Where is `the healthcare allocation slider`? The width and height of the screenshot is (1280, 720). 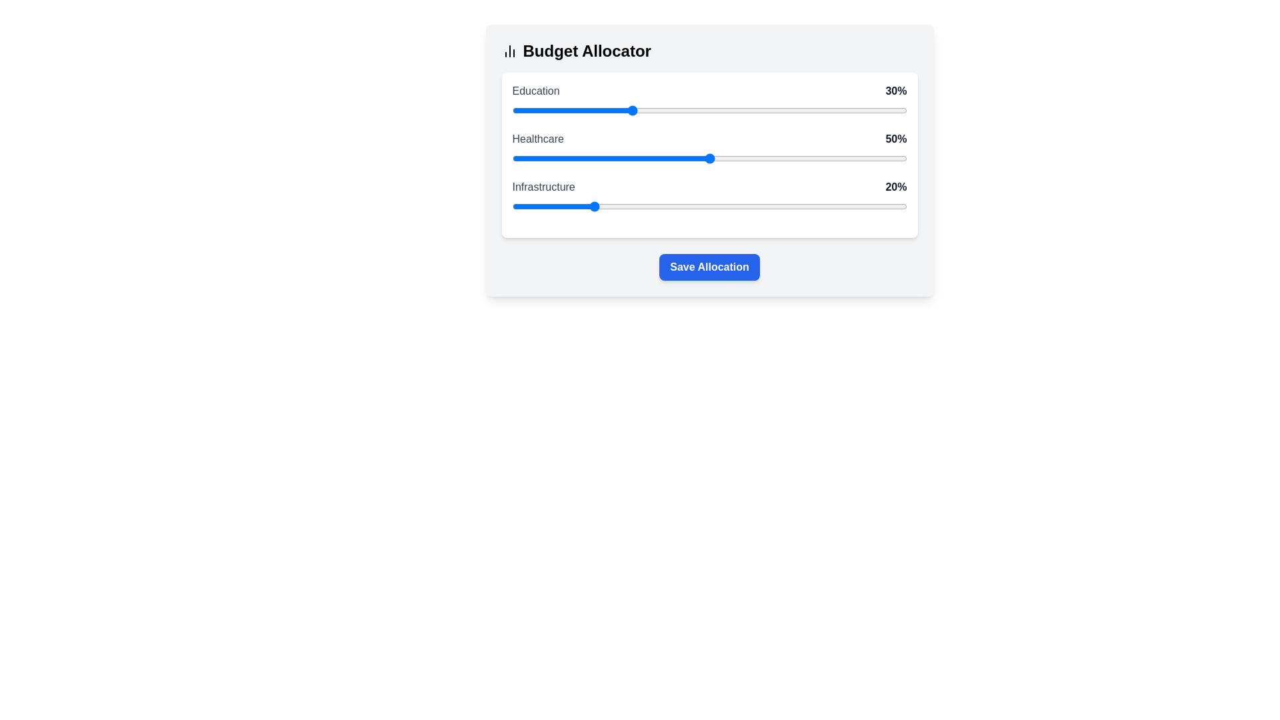
the healthcare allocation slider is located at coordinates (831, 158).